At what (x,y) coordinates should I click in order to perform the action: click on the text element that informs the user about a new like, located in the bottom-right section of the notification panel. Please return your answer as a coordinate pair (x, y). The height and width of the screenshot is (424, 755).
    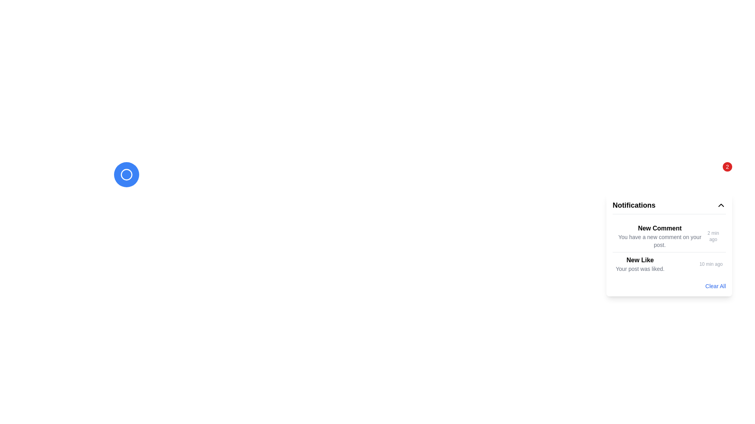
    Looking at the image, I should click on (640, 269).